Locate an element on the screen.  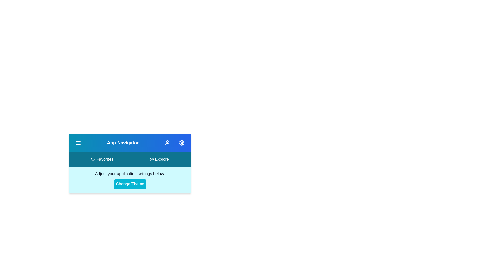
the settings icon represented by a gear symbol within the blue circular button is located at coordinates (181, 143).